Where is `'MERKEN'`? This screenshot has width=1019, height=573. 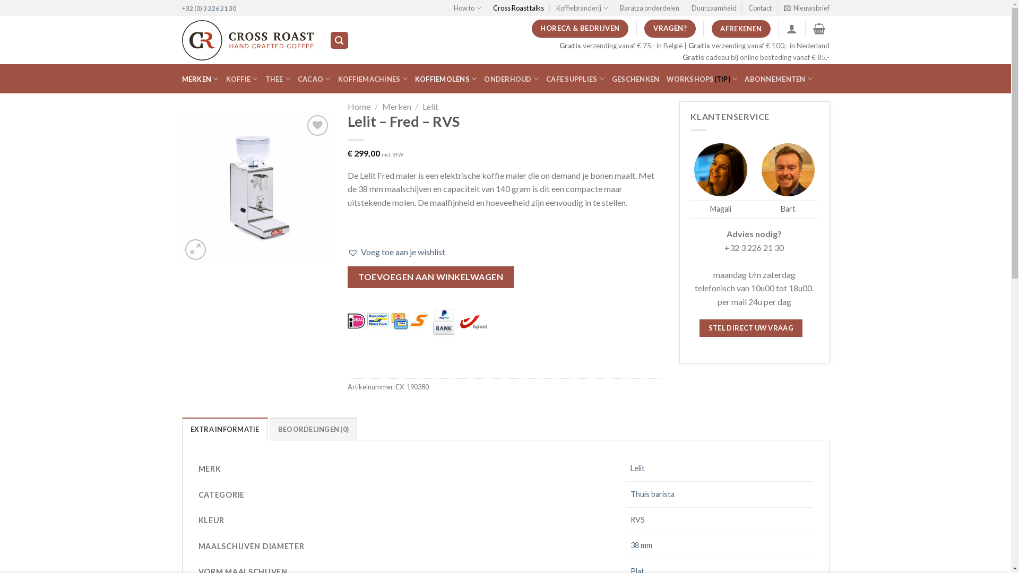 'MERKEN' is located at coordinates (200, 79).